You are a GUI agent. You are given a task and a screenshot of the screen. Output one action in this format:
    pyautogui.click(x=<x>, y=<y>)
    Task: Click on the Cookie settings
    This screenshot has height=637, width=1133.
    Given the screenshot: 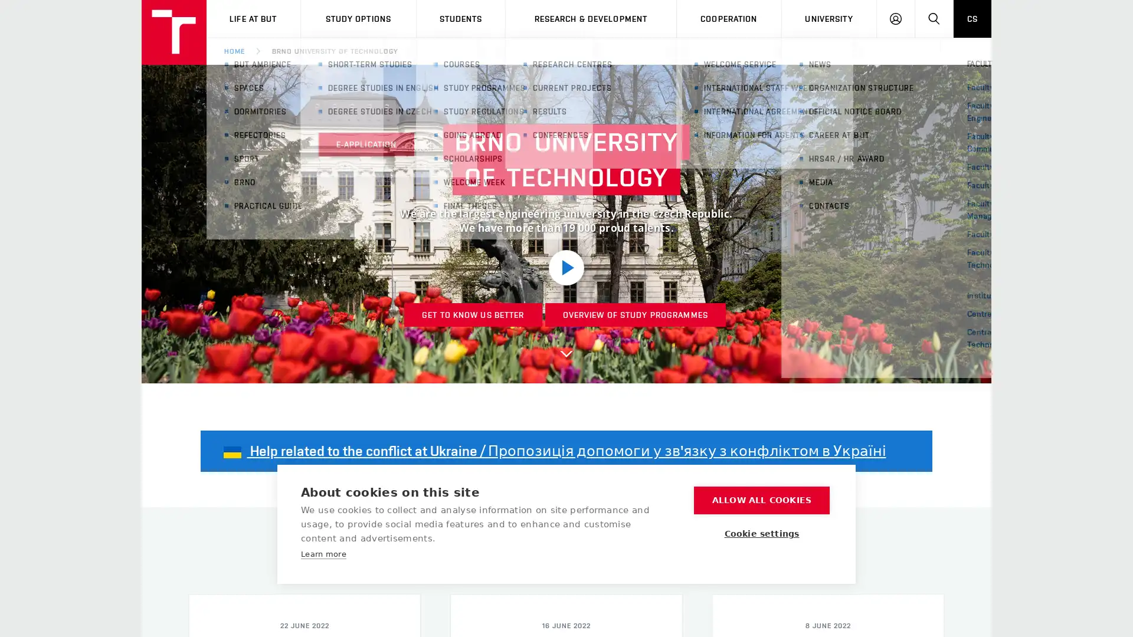 What is the action you would take?
    pyautogui.click(x=762, y=534)
    